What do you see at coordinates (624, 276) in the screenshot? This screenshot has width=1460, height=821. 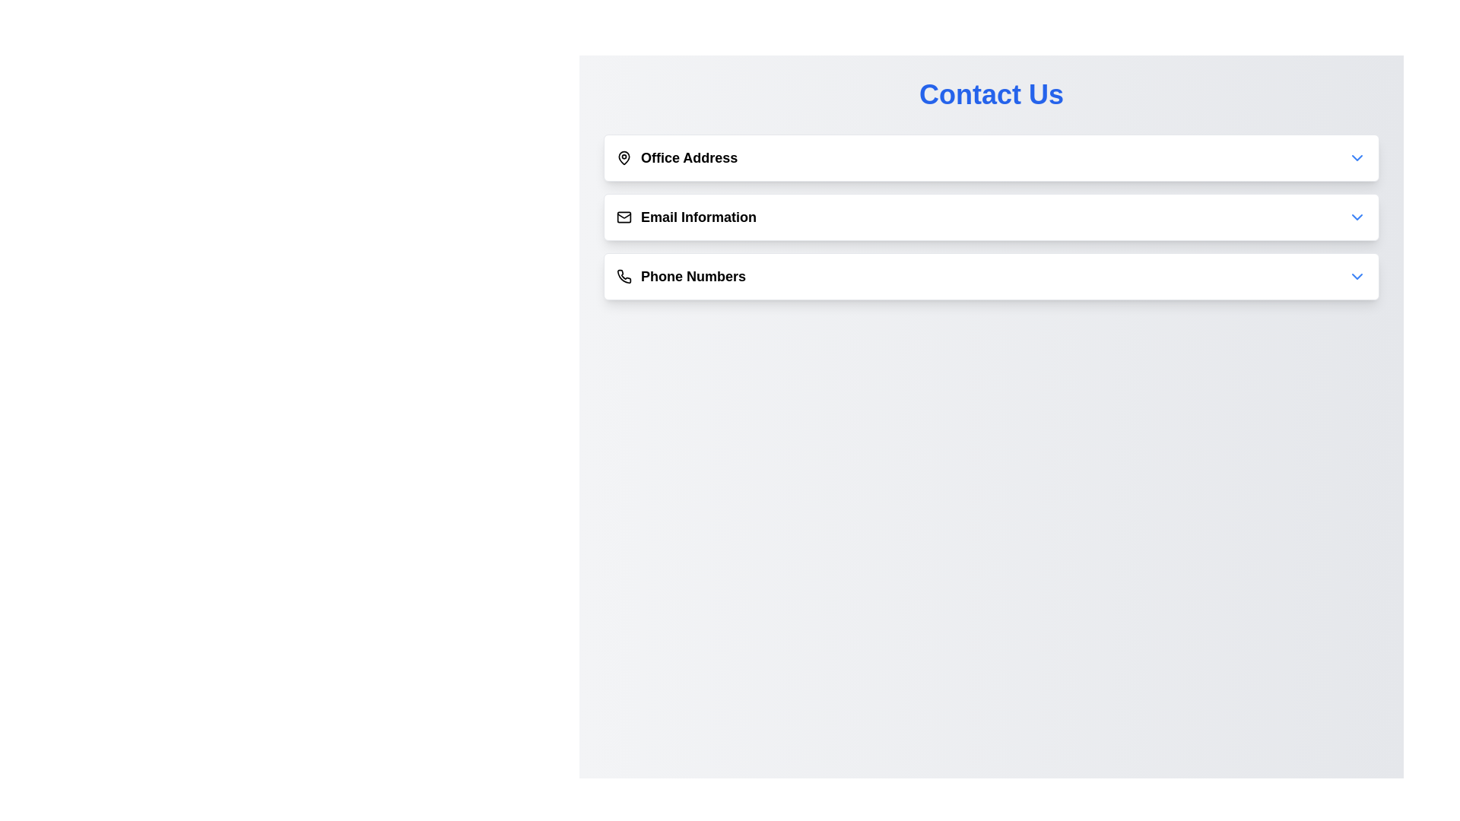 I see `the phone-shaped icon located next to the 'Phone Numbers' label in the bottom section of the listed contact options` at bounding box center [624, 276].